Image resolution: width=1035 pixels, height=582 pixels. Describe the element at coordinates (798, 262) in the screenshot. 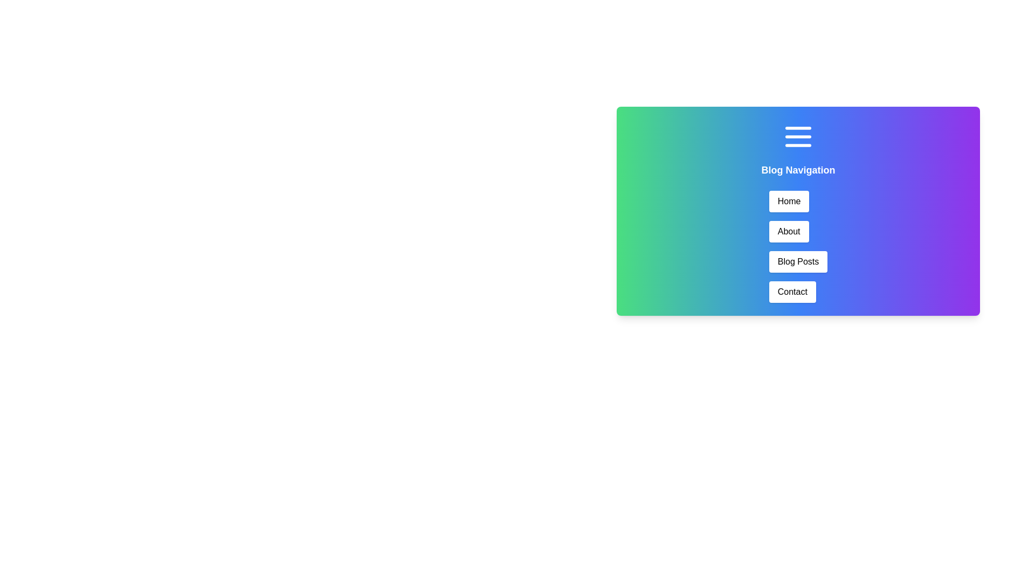

I see `the 'Blog Posts' button to navigate to the posts section` at that location.